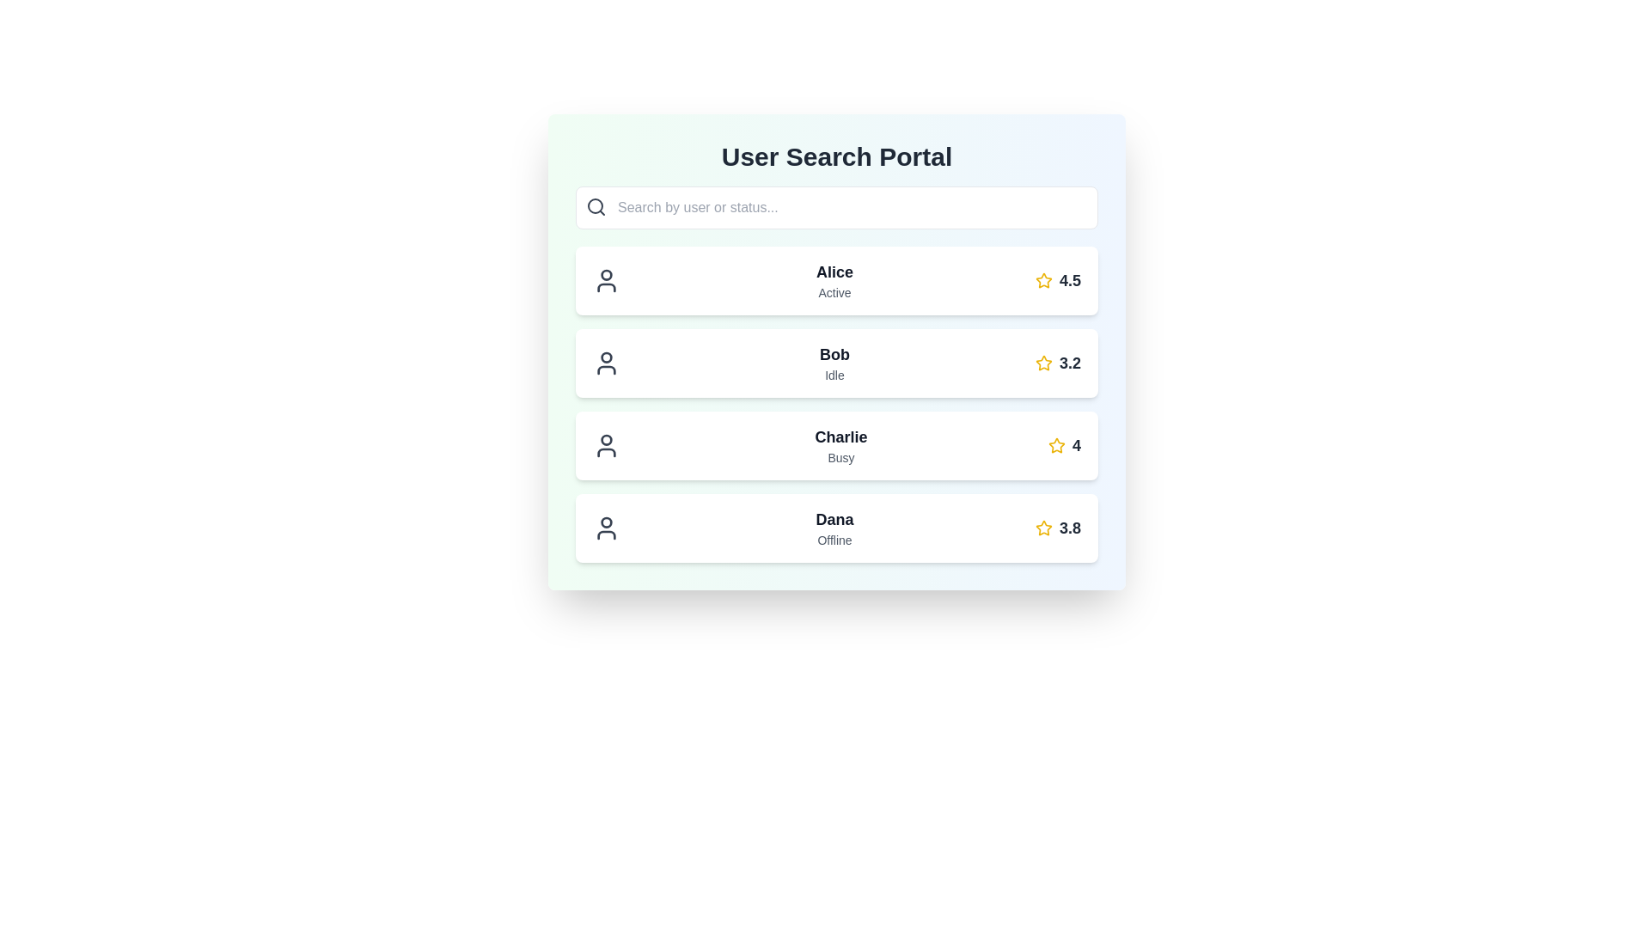 The image size is (1650, 928). I want to click on the non-interactive graphical representation of the user profile for 'Bob', located in the second position of the user list, so click(606, 357).